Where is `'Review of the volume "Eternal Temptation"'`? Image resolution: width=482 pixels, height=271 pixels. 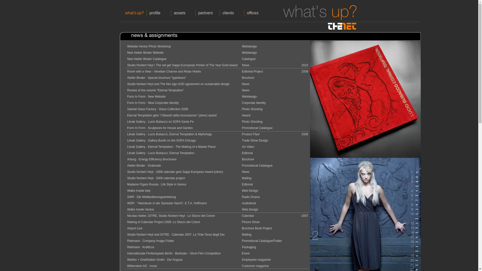
'Review of the volume "Eternal Temptation"' is located at coordinates (155, 90).